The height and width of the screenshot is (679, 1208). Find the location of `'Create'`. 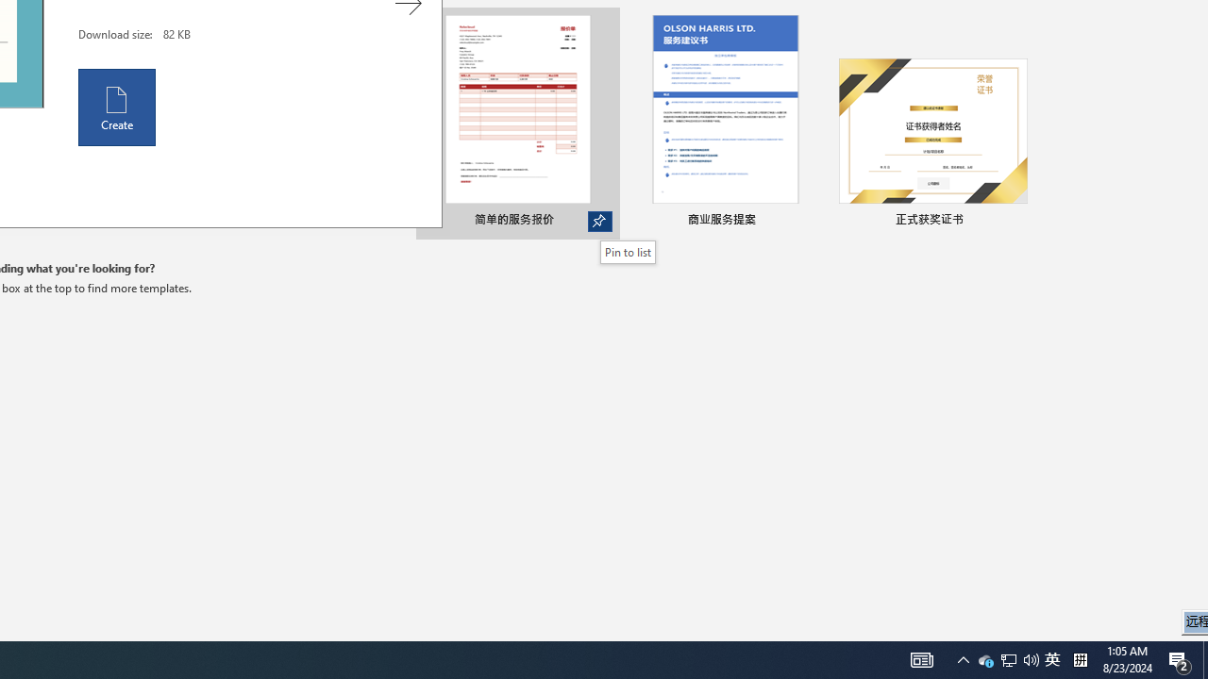

'Create' is located at coordinates (116, 107).